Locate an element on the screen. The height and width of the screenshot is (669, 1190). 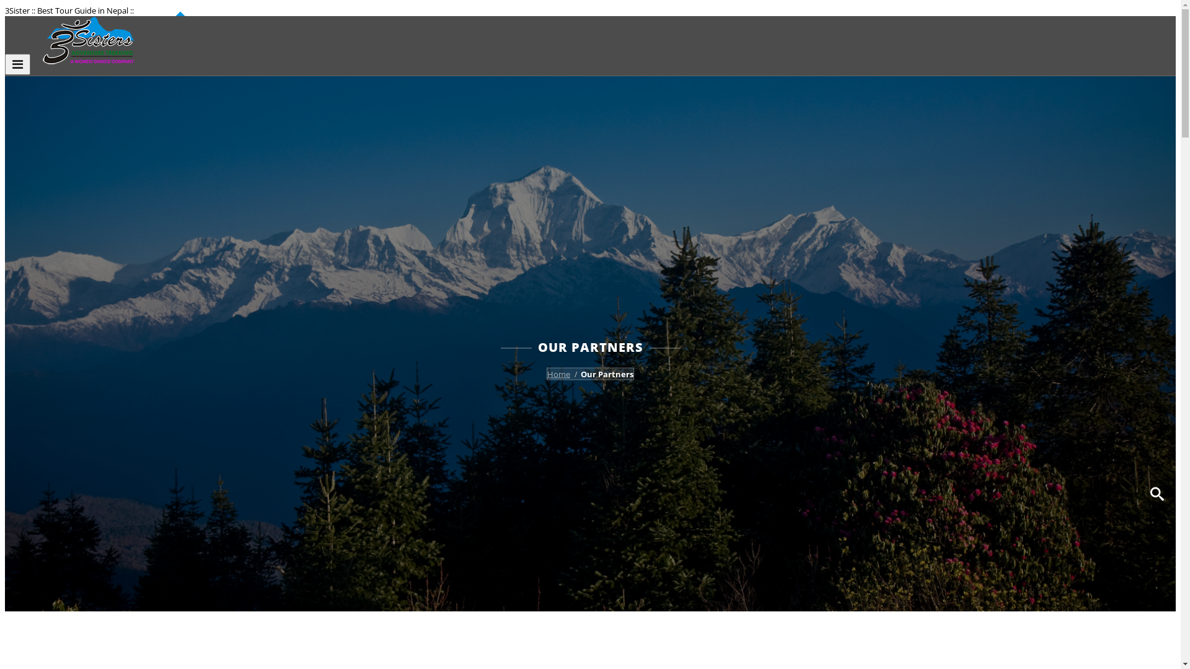
'Toggle navigation' is located at coordinates (5, 64).